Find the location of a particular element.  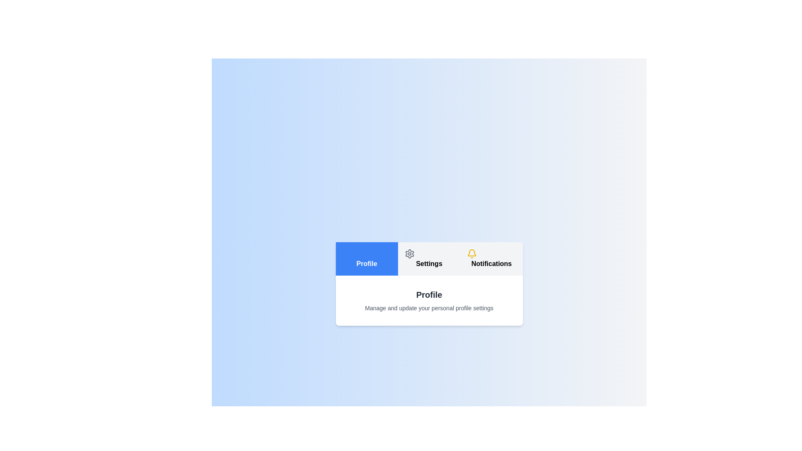

the Profile tab to highlight it is located at coordinates (367, 258).